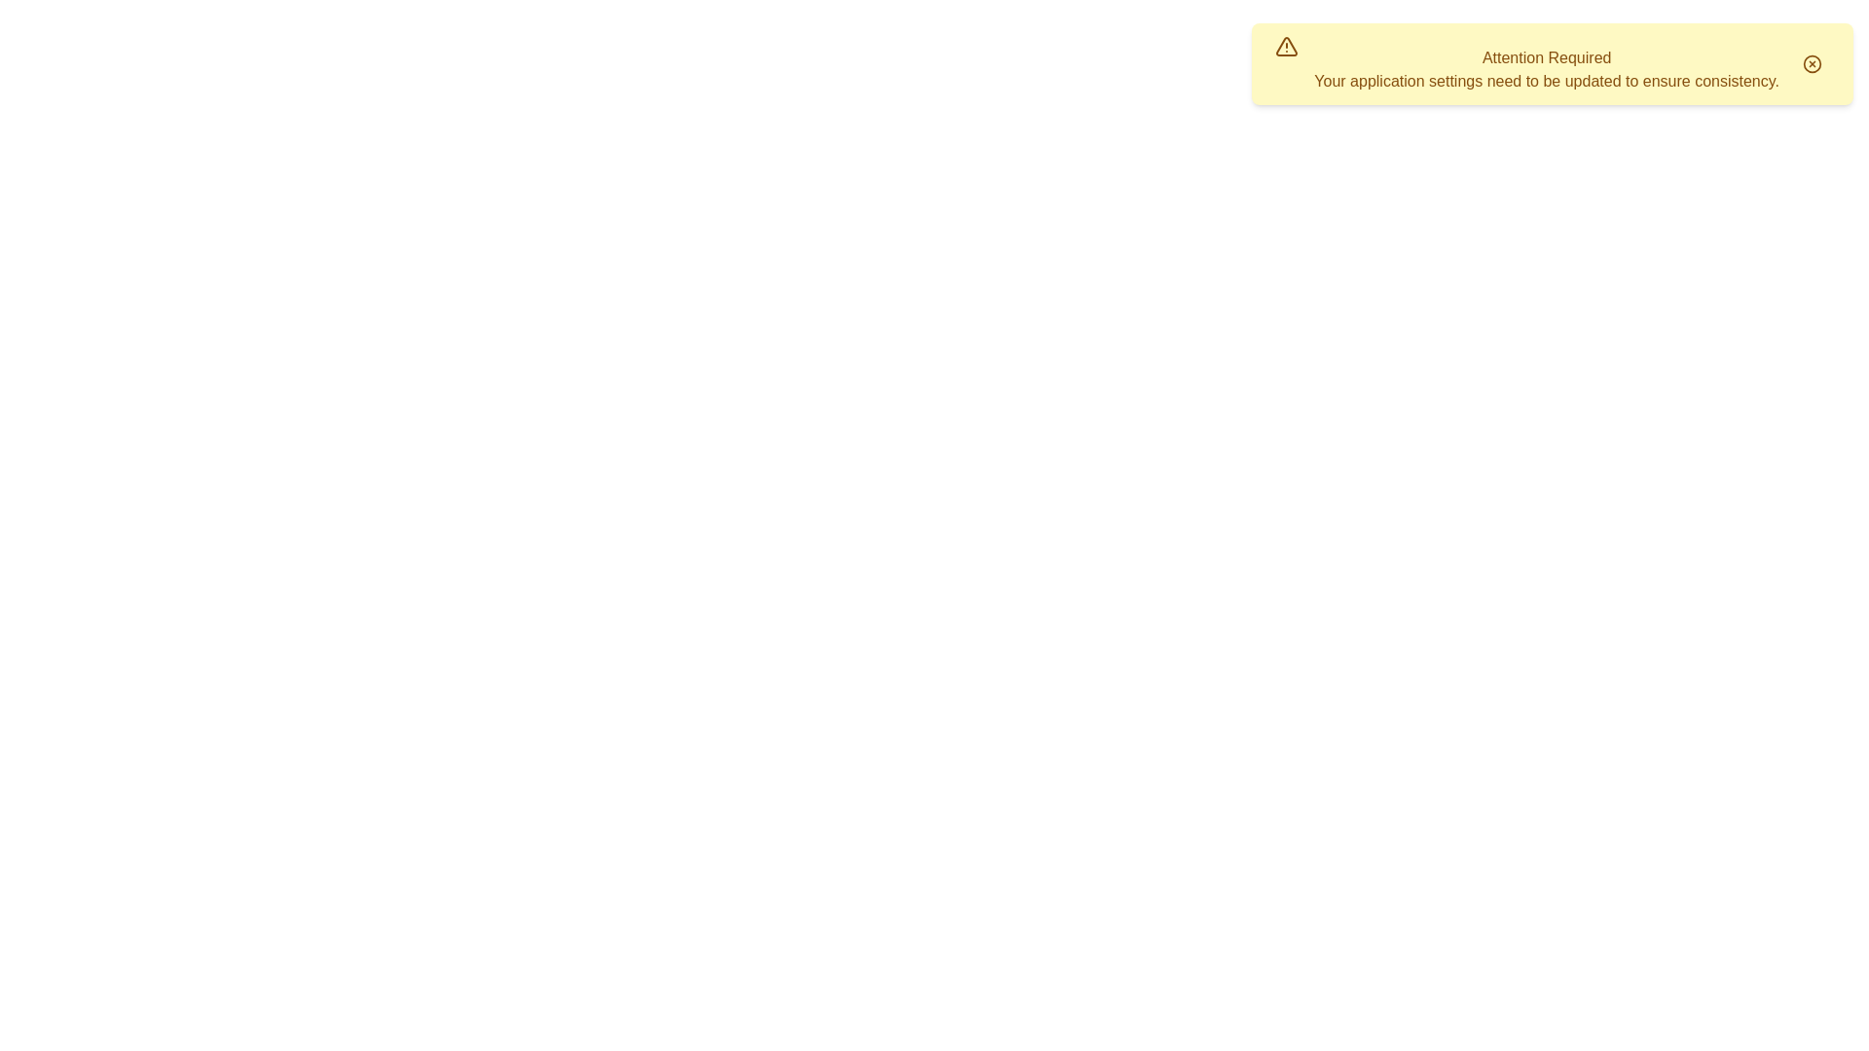 Image resolution: width=1869 pixels, height=1051 pixels. I want to click on the decorative close button icon located at the top-right corner of the interface, which features a cross shape overlay, so click(1812, 62).